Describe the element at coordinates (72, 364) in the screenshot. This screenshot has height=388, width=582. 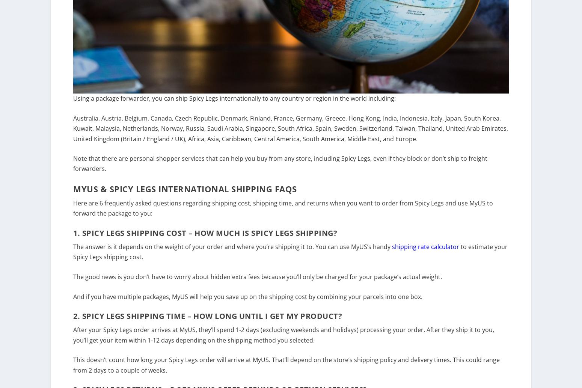
I see `'This doesn’t count how long your Spicy Legs'` at that location.